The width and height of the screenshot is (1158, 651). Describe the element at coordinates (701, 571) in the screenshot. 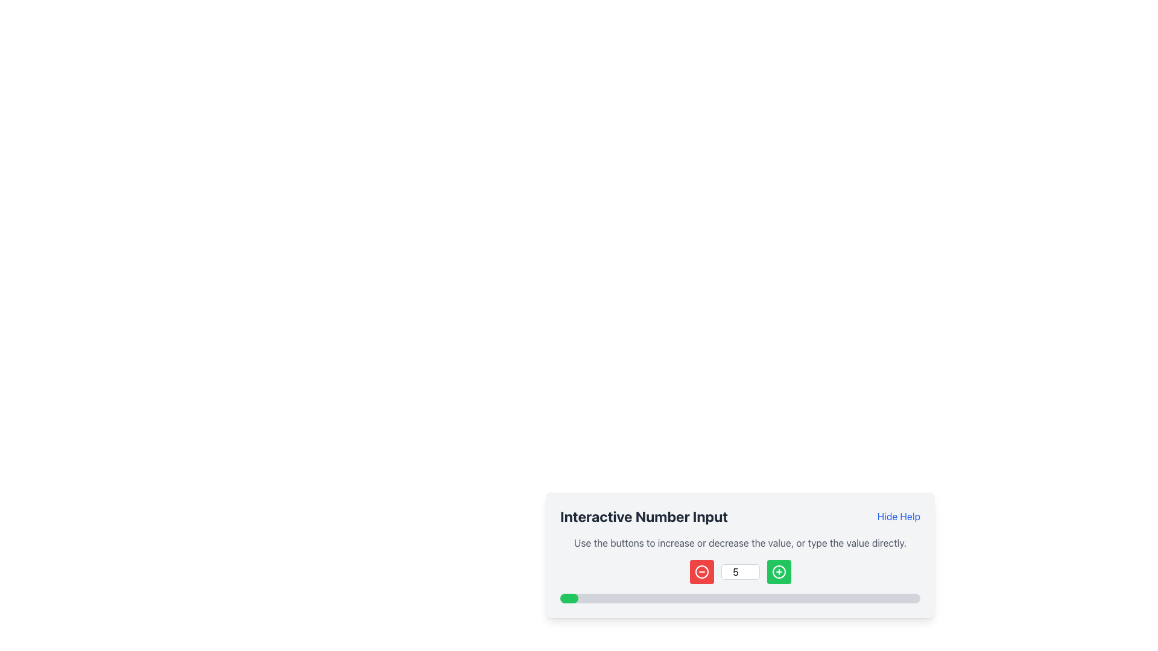

I see `the red decrement icon located to the left of the numeric input field to decrement the numeric value` at that location.